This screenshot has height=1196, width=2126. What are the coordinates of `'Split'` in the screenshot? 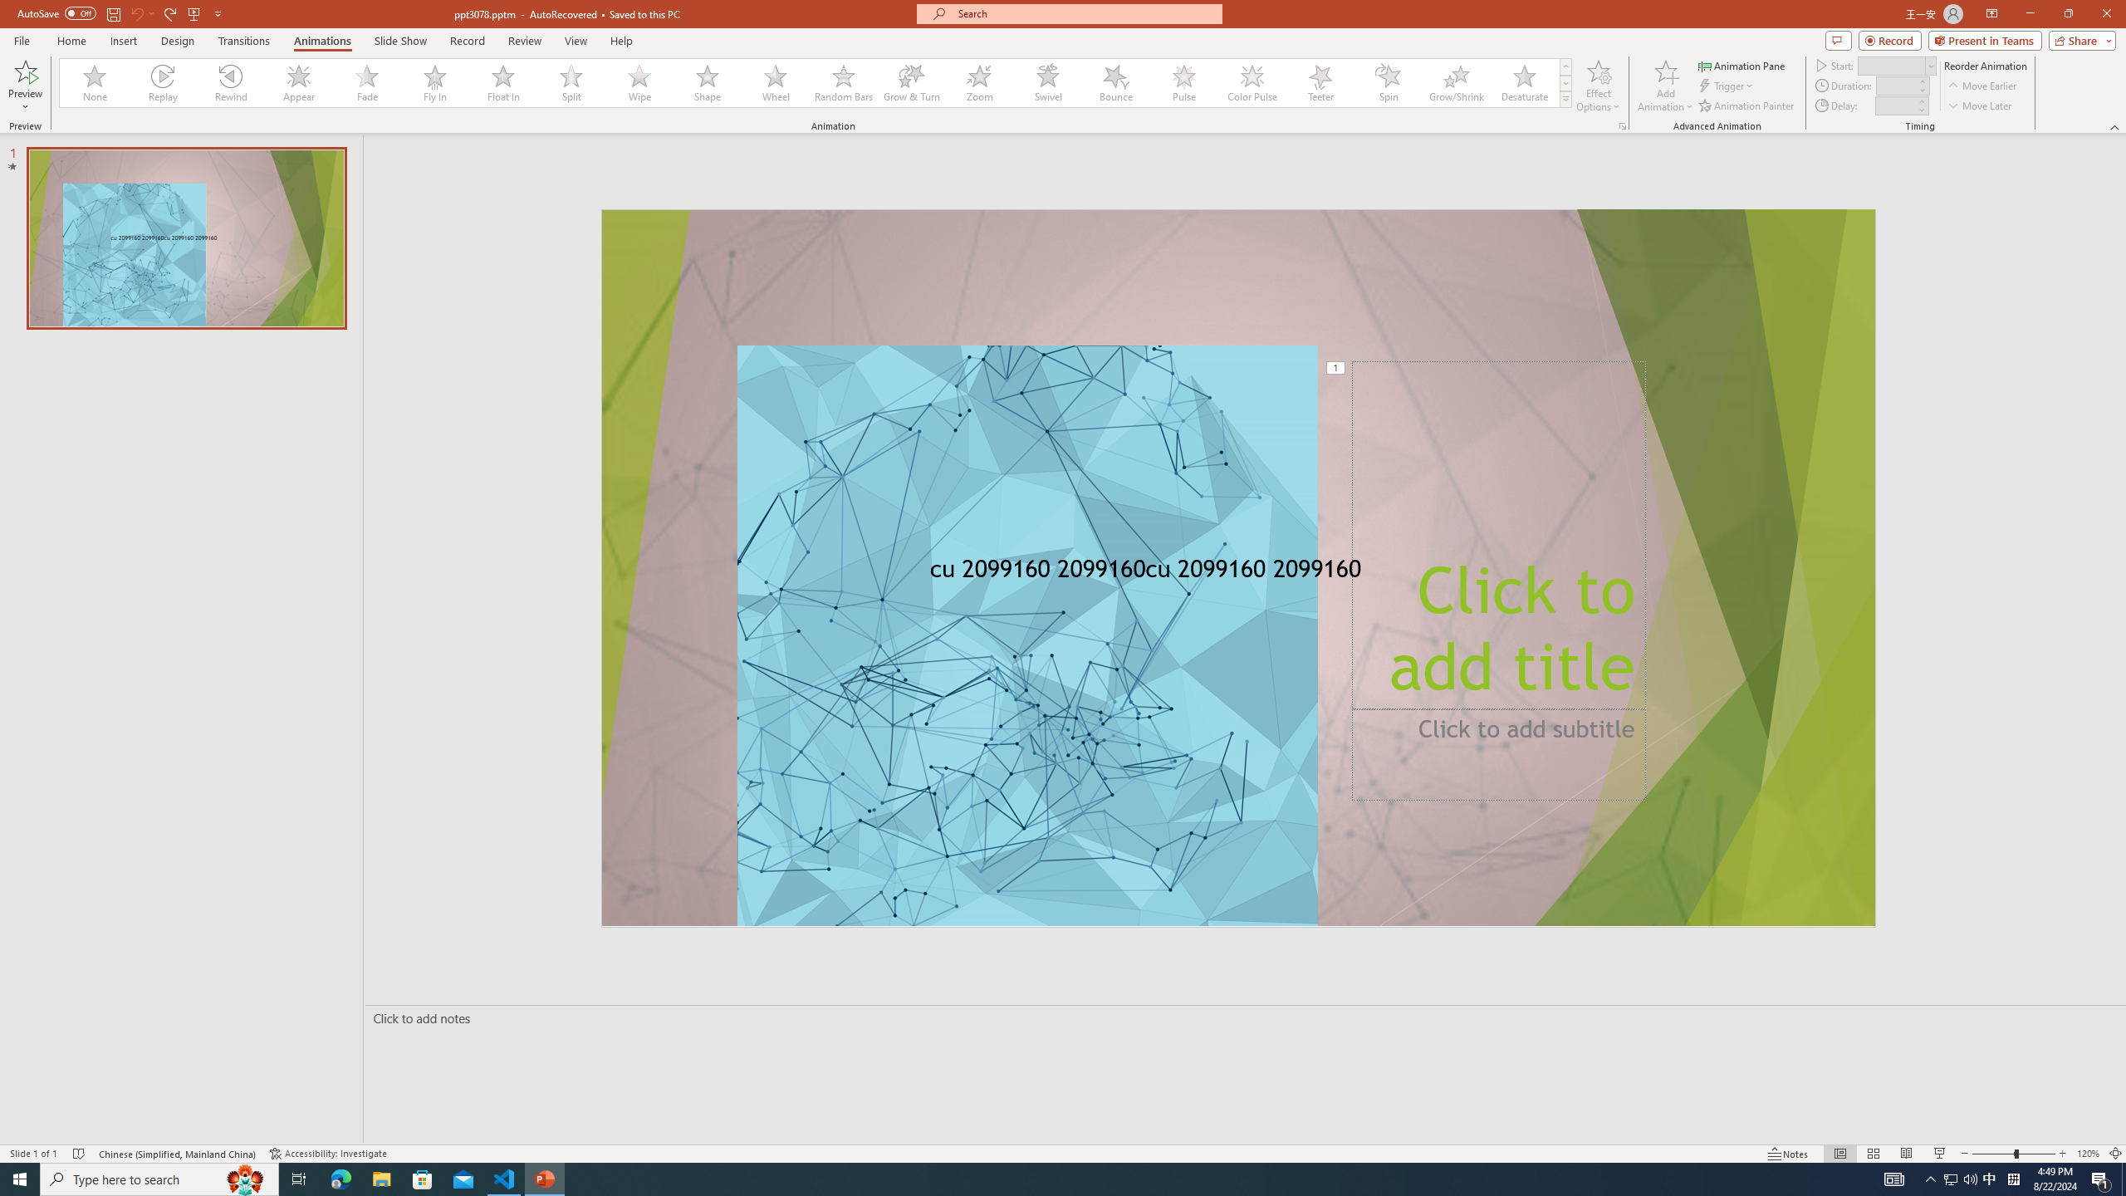 It's located at (571, 82).